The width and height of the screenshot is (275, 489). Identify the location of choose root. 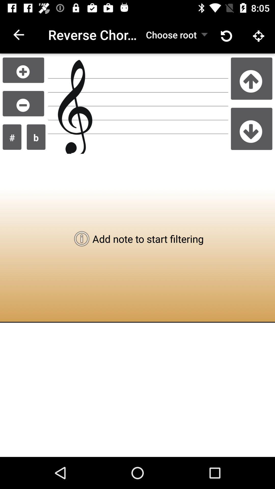
(171, 34).